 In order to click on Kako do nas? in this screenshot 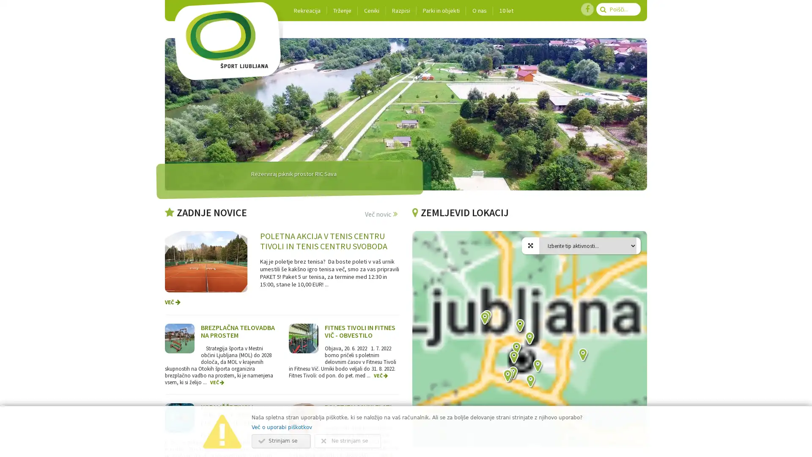, I will do `click(513, 358)`.